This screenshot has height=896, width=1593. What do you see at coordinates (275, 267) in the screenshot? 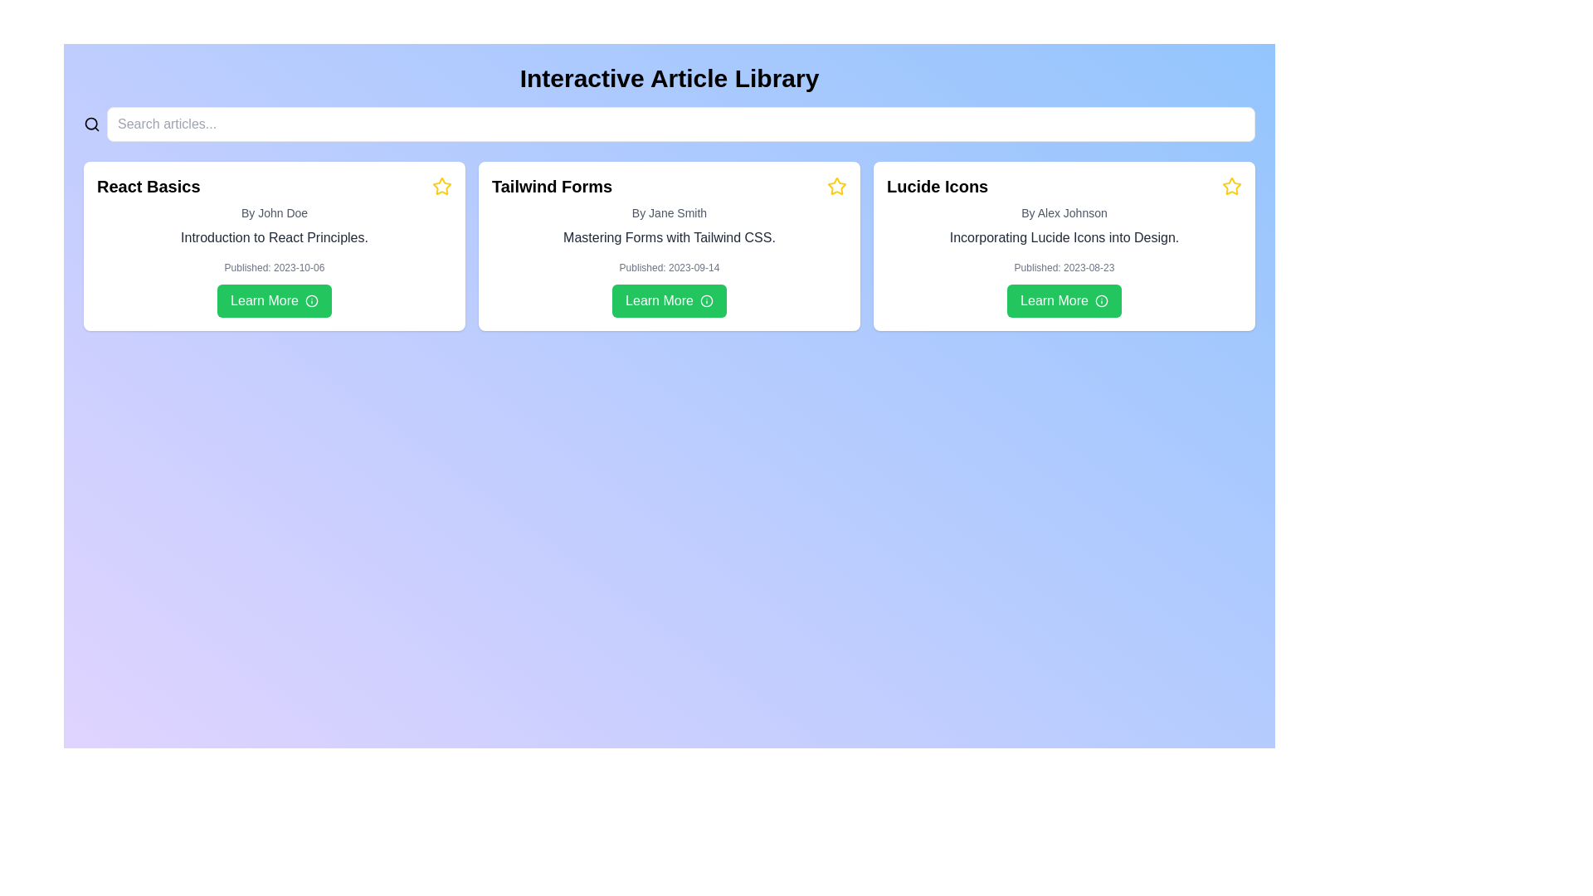
I see `the text label displaying 'Published: 2023-10-06'` at bounding box center [275, 267].